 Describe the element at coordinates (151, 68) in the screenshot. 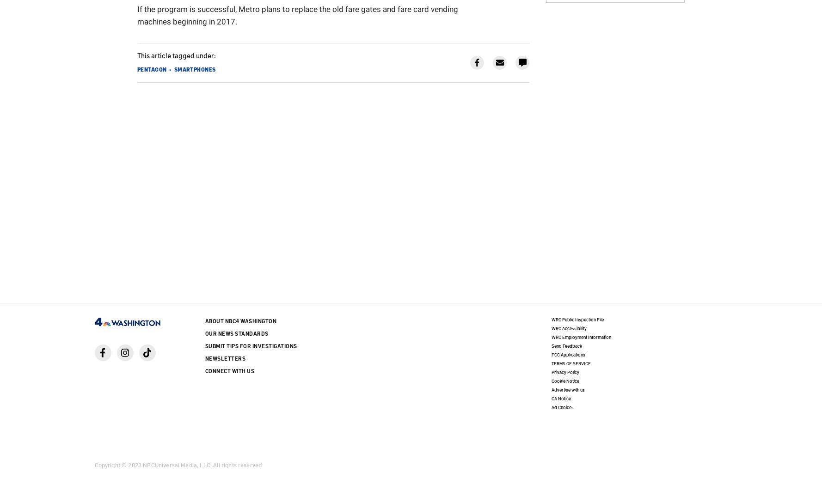

I see `'Pentagon'` at that location.